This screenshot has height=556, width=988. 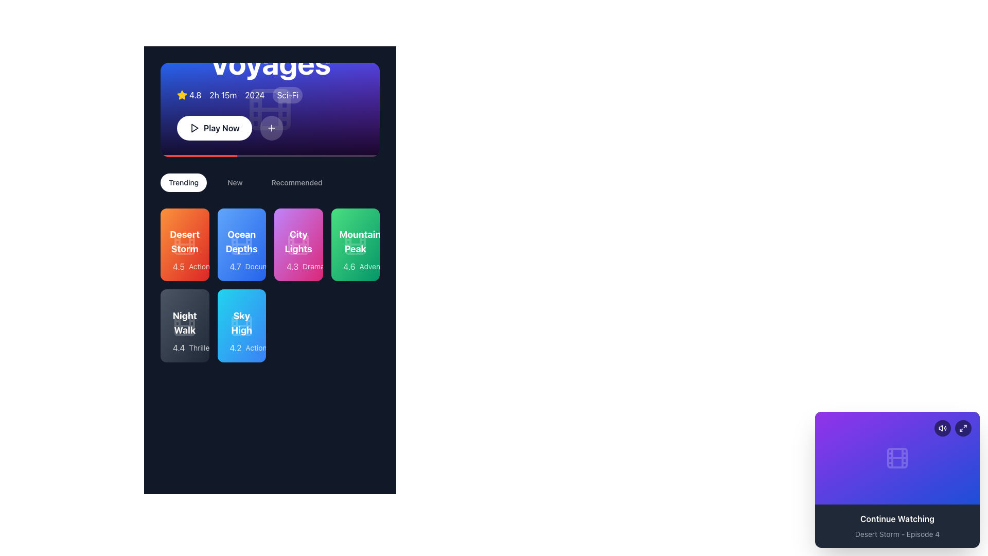 What do you see at coordinates (241, 266) in the screenshot?
I see `the Information display row (icon and text) for the 'Ocean Depths' card, which displays the rating and genre, located in the second column of the top row of the grid` at bounding box center [241, 266].